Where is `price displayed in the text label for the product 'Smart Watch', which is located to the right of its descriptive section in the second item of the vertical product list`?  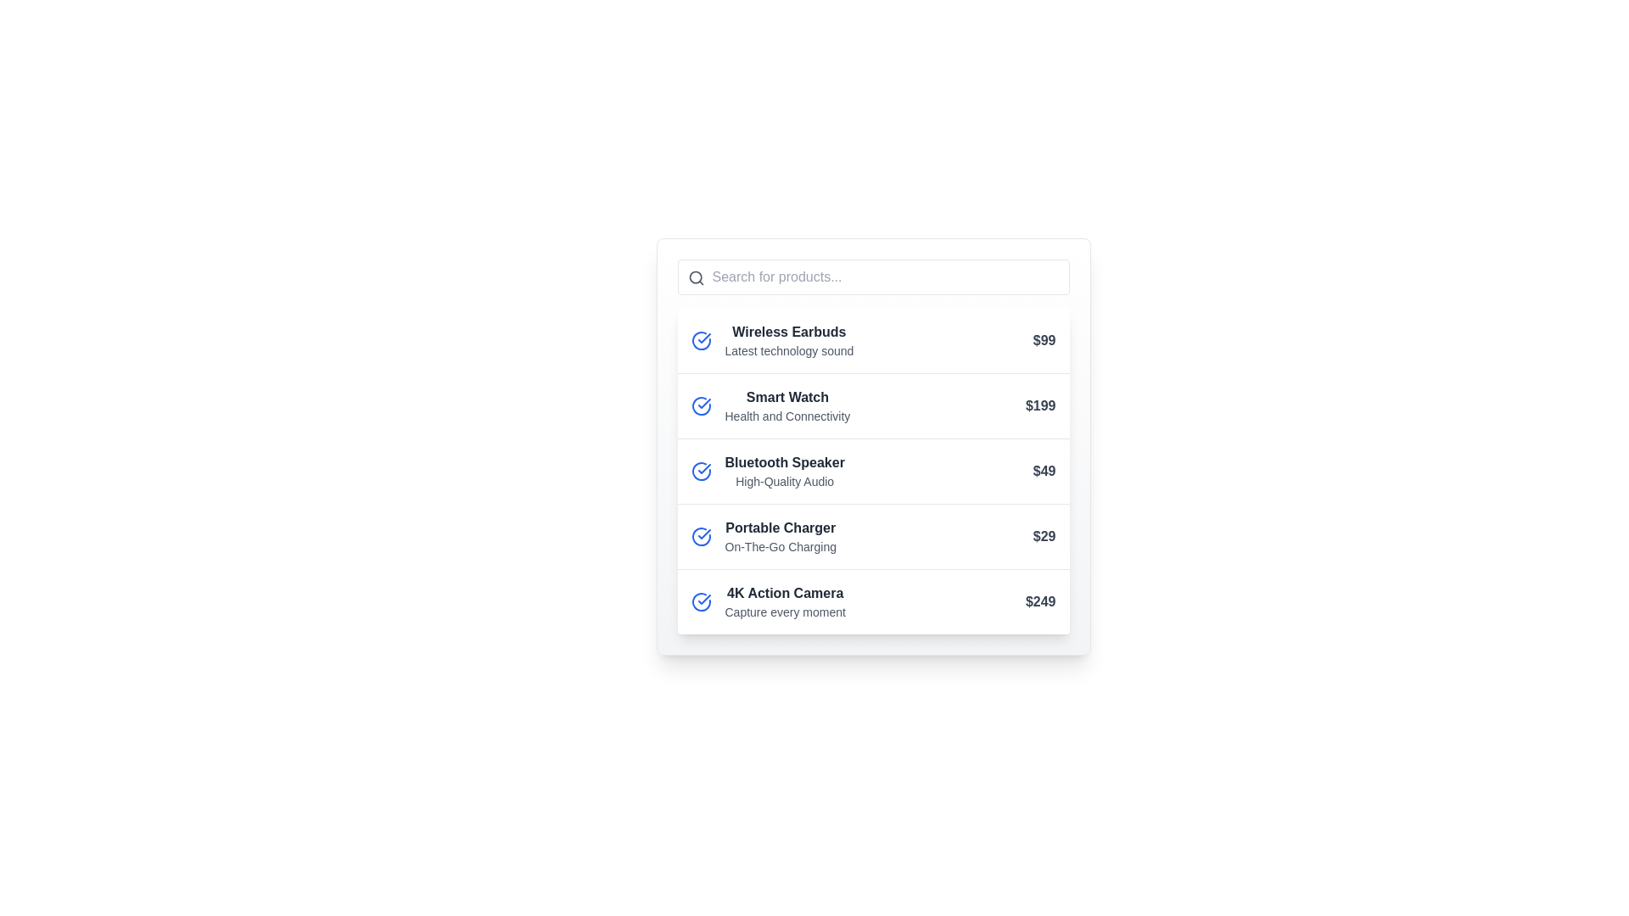
price displayed in the text label for the product 'Smart Watch', which is located to the right of its descriptive section in the second item of the vertical product list is located at coordinates (1039, 405).